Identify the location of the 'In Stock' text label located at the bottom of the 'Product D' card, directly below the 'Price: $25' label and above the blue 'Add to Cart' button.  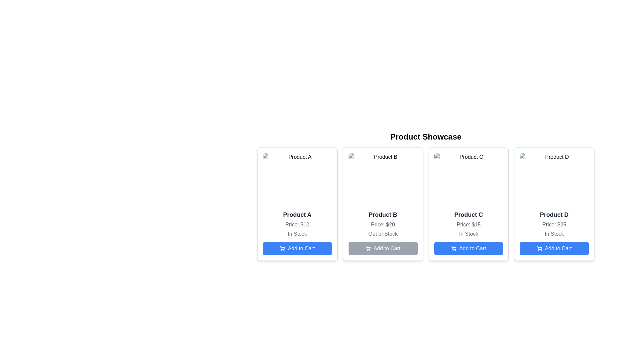
(554, 233).